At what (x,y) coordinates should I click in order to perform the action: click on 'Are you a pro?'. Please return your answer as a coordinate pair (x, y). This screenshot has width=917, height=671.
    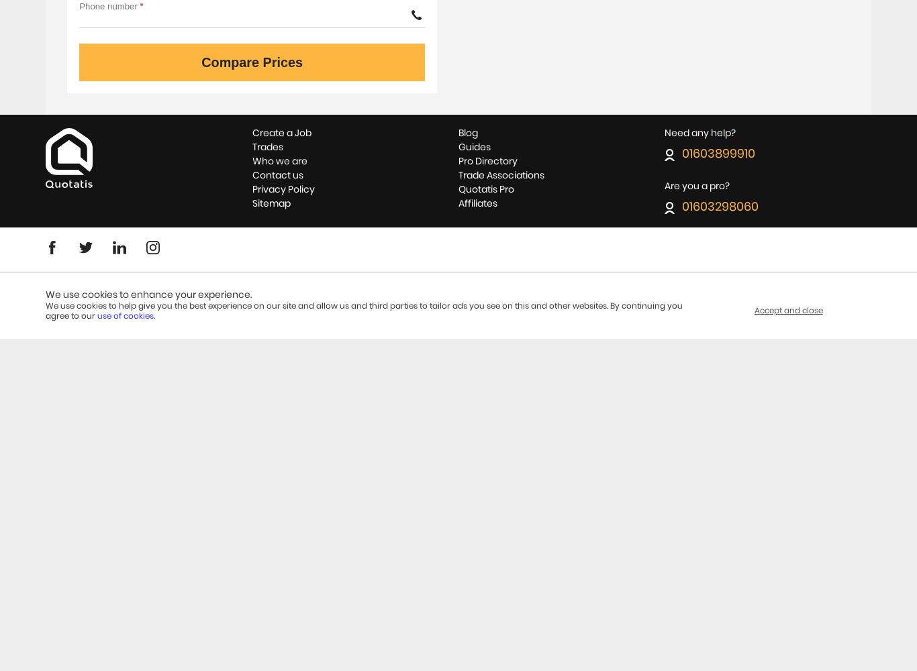
    Looking at the image, I should click on (664, 186).